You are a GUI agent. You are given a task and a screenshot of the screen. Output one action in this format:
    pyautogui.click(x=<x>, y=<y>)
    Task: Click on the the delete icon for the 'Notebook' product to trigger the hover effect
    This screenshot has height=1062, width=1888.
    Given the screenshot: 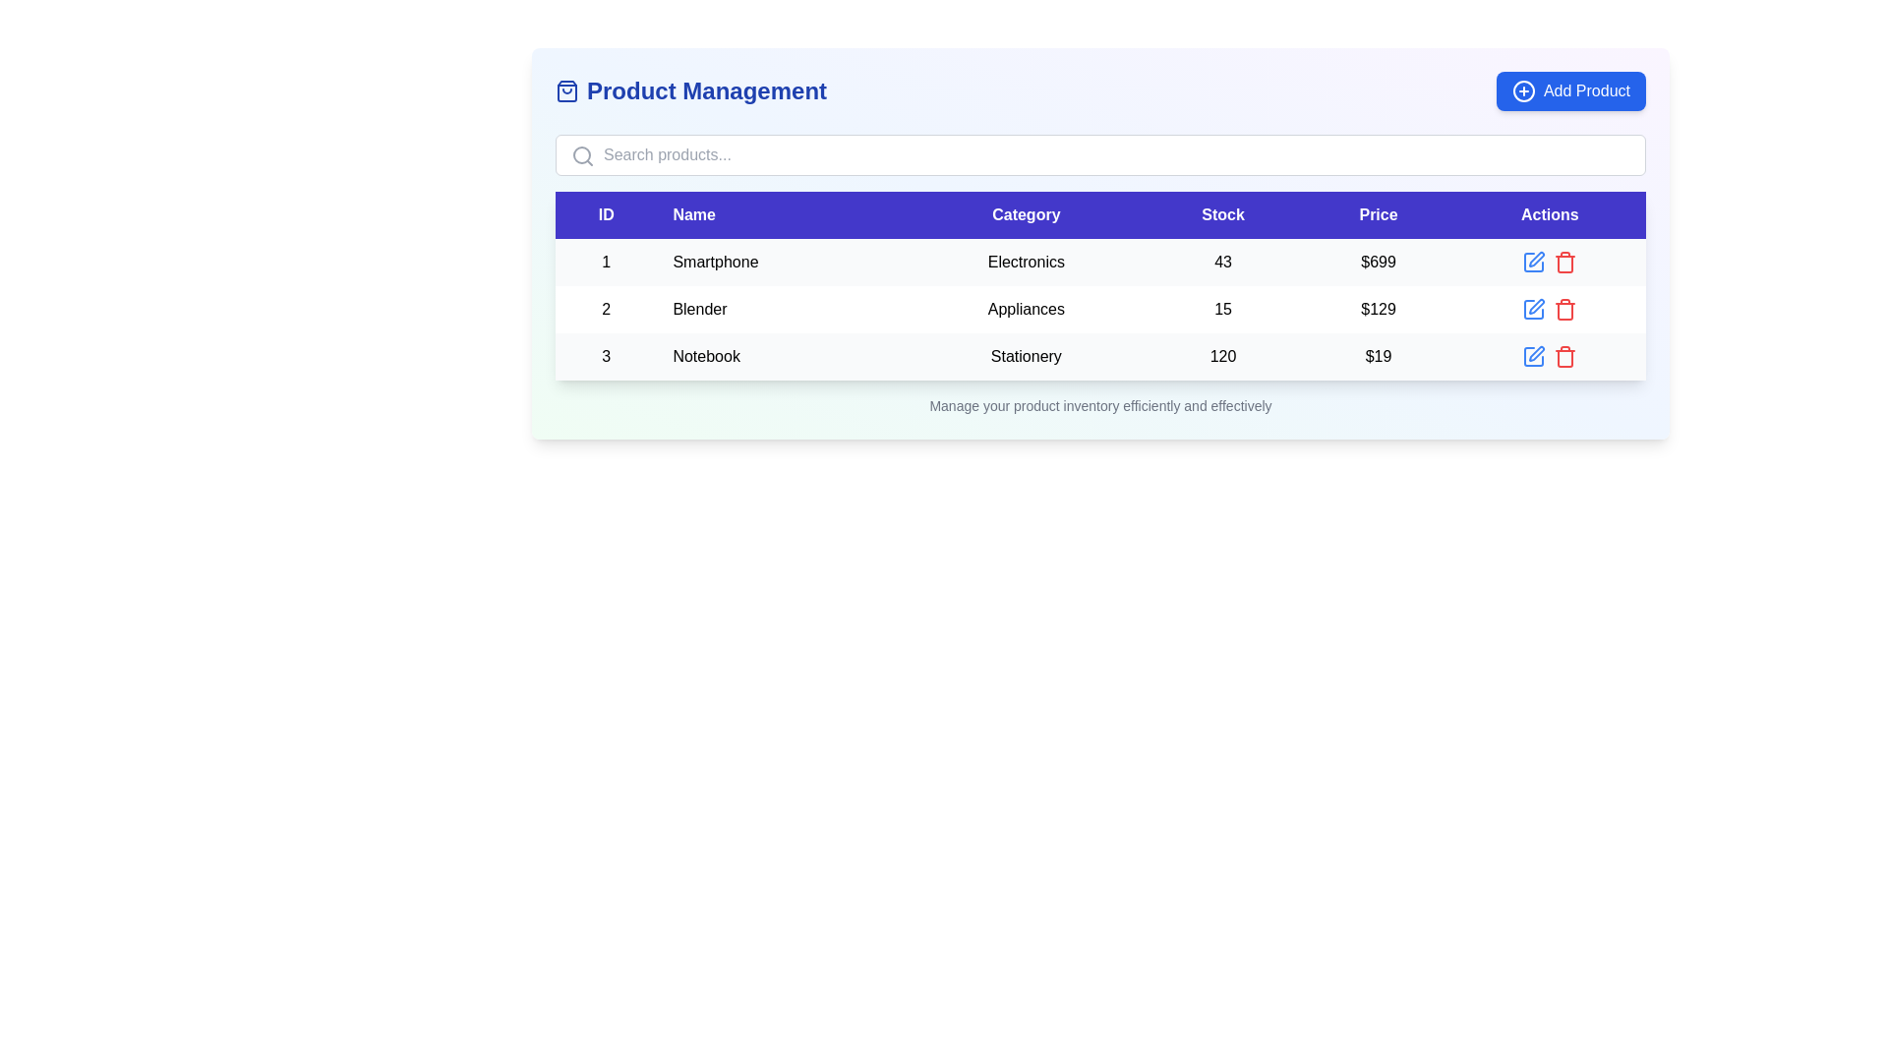 What is the action you would take?
    pyautogui.click(x=1564, y=261)
    